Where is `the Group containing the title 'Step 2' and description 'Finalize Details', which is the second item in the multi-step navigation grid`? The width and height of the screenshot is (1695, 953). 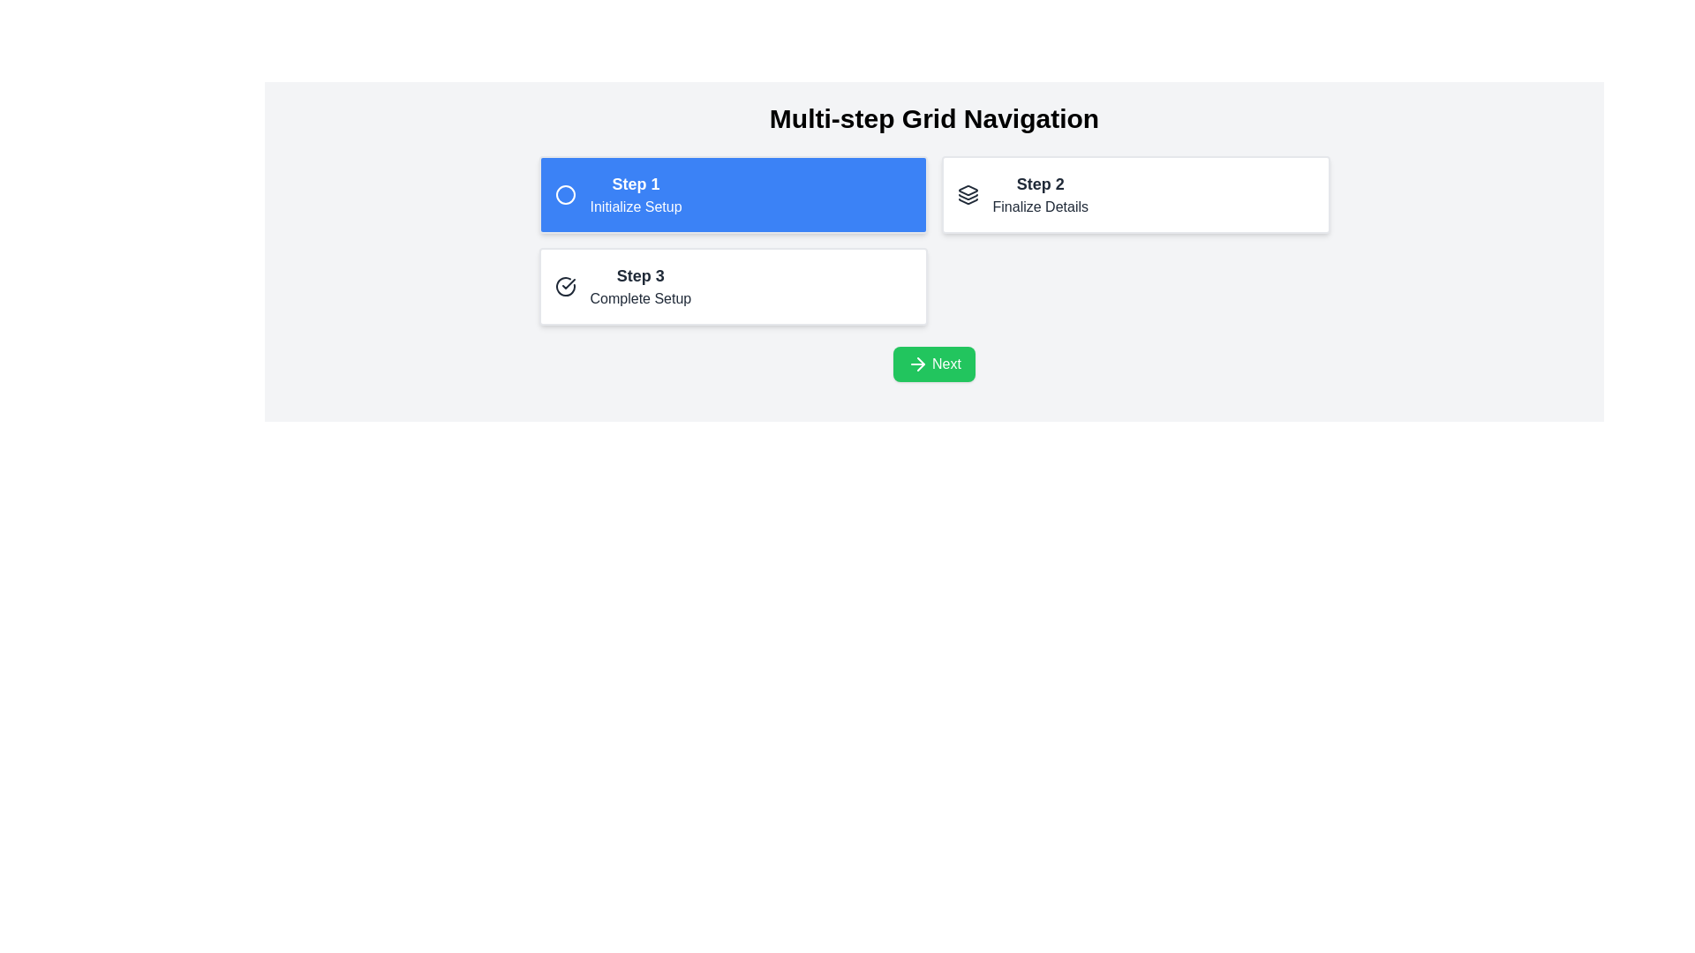 the Group containing the title 'Step 2' and description 'Finalize Details', which is the second item in the multi-step navigation grid is located at coordinates (1040, 194).